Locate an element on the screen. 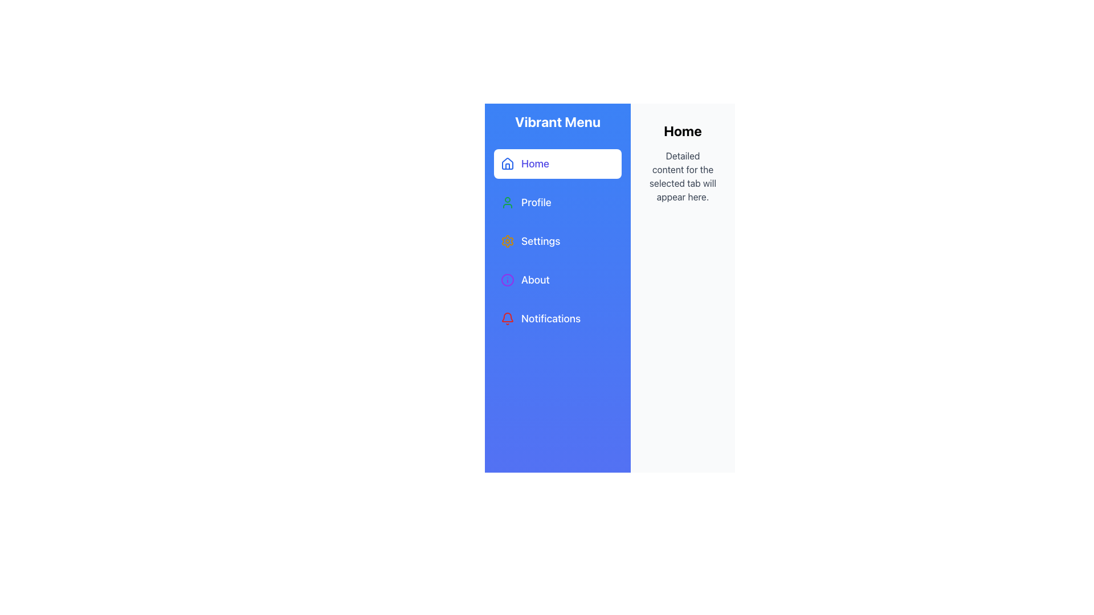 The width and height of the screenshot is (1094, 615). the 'Home' text label in the topmost segment of the vertical navigation menu, which is styled in medium font weight and positioned to the right of the house icon is located at coordinates (534, 164).